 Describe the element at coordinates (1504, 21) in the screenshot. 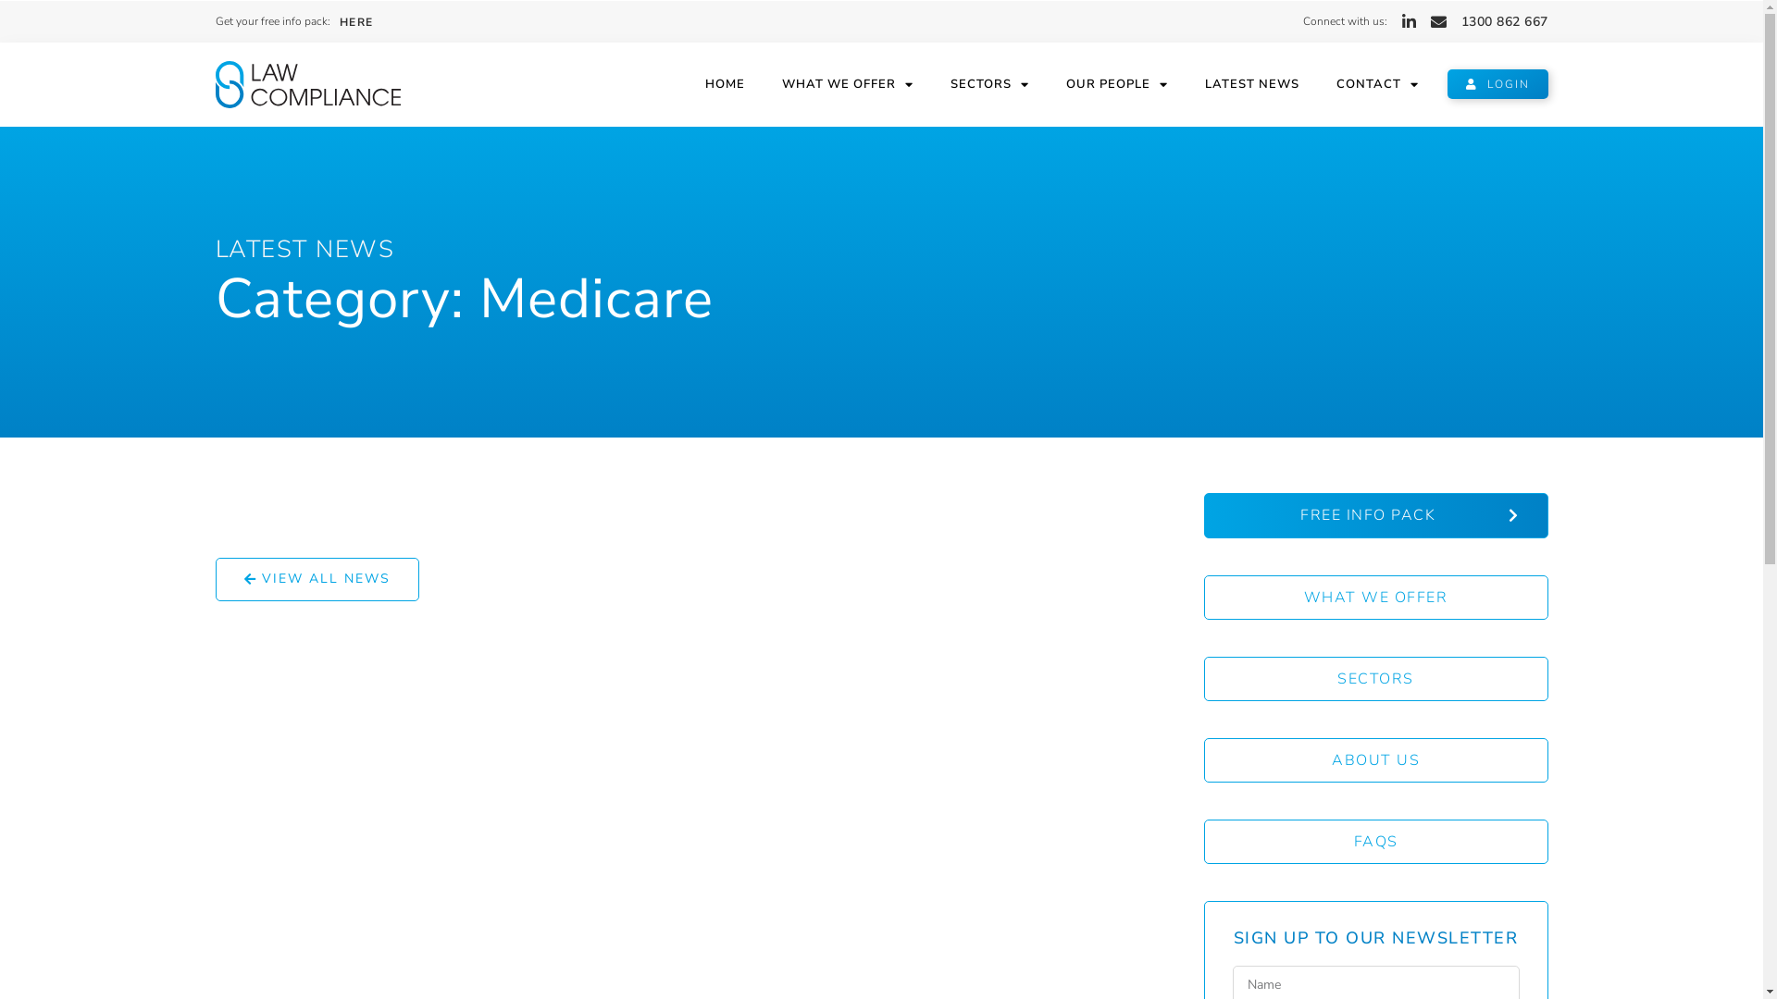

I see `'1300 862 667'` at that location.